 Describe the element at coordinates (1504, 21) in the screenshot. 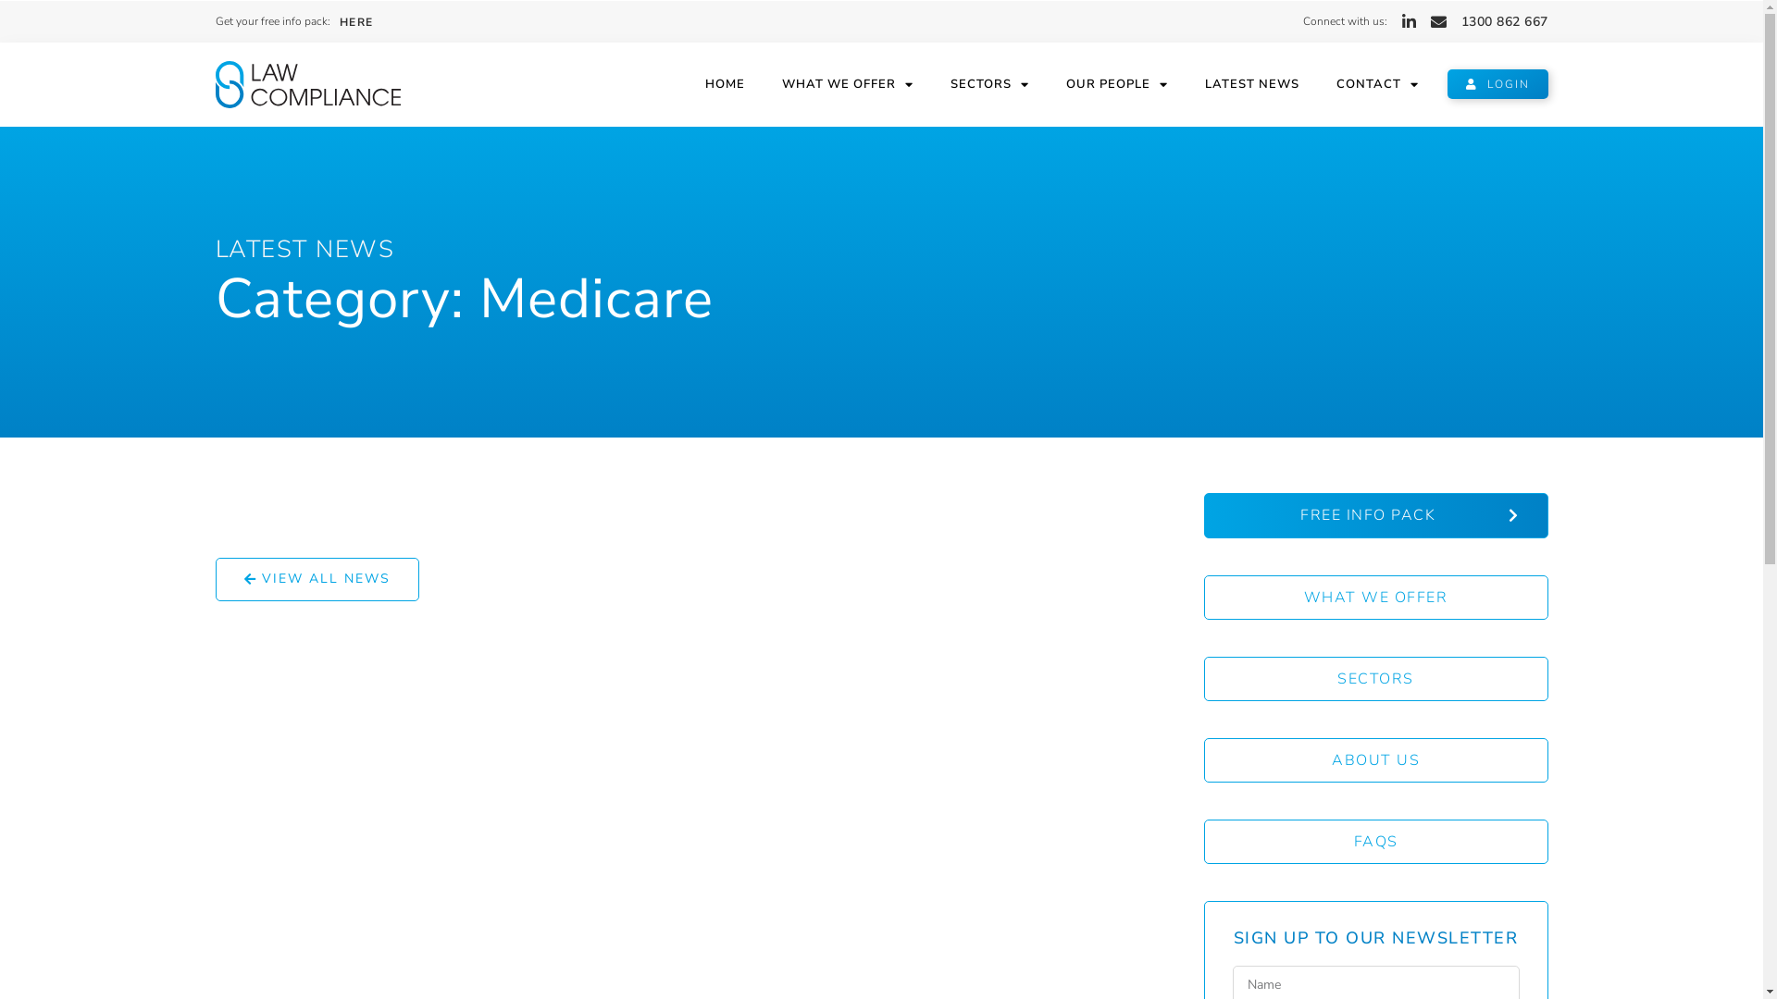

I see `'1300 862 667'` at that location.